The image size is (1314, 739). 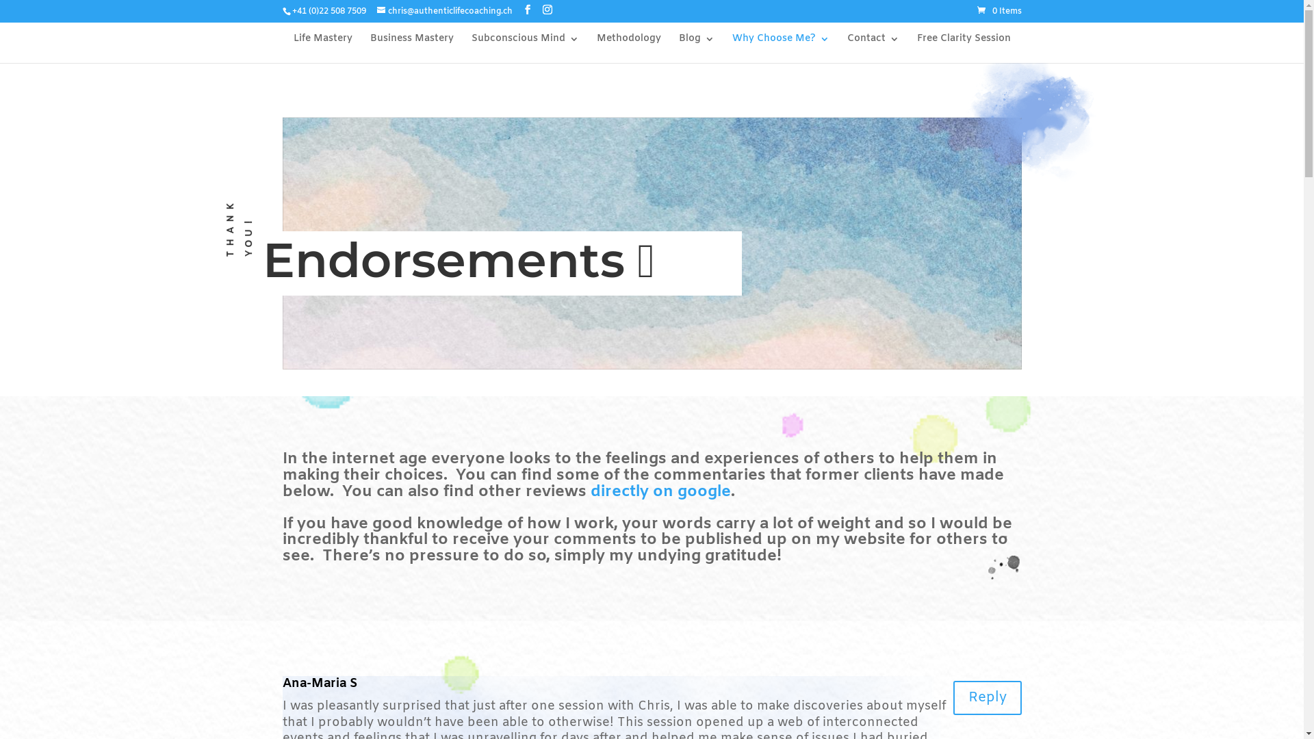 What do you see at coordinates (443, 11) in the screenshot?
I see `'chris@authenticlifecoaching.ch'` at bounding box center [443, 11].